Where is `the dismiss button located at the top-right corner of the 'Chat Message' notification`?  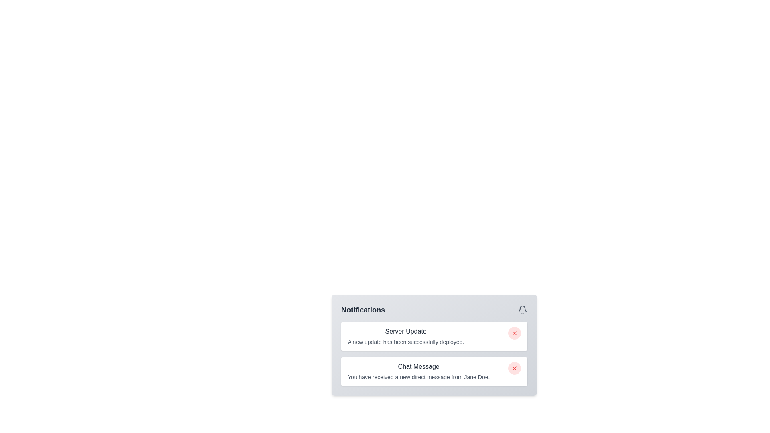
the dismiss button located at the top-right corner of the 'Chat Message' notification is located at coordinates (514, 368).